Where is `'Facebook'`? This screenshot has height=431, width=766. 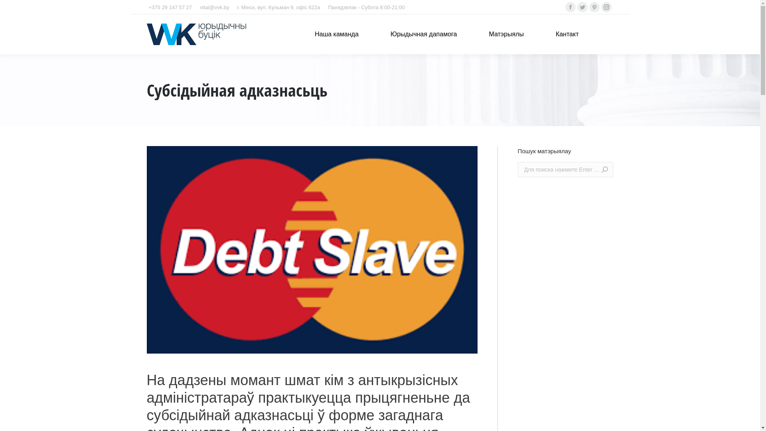
'Facebook' is located at coordinates (565, 7).